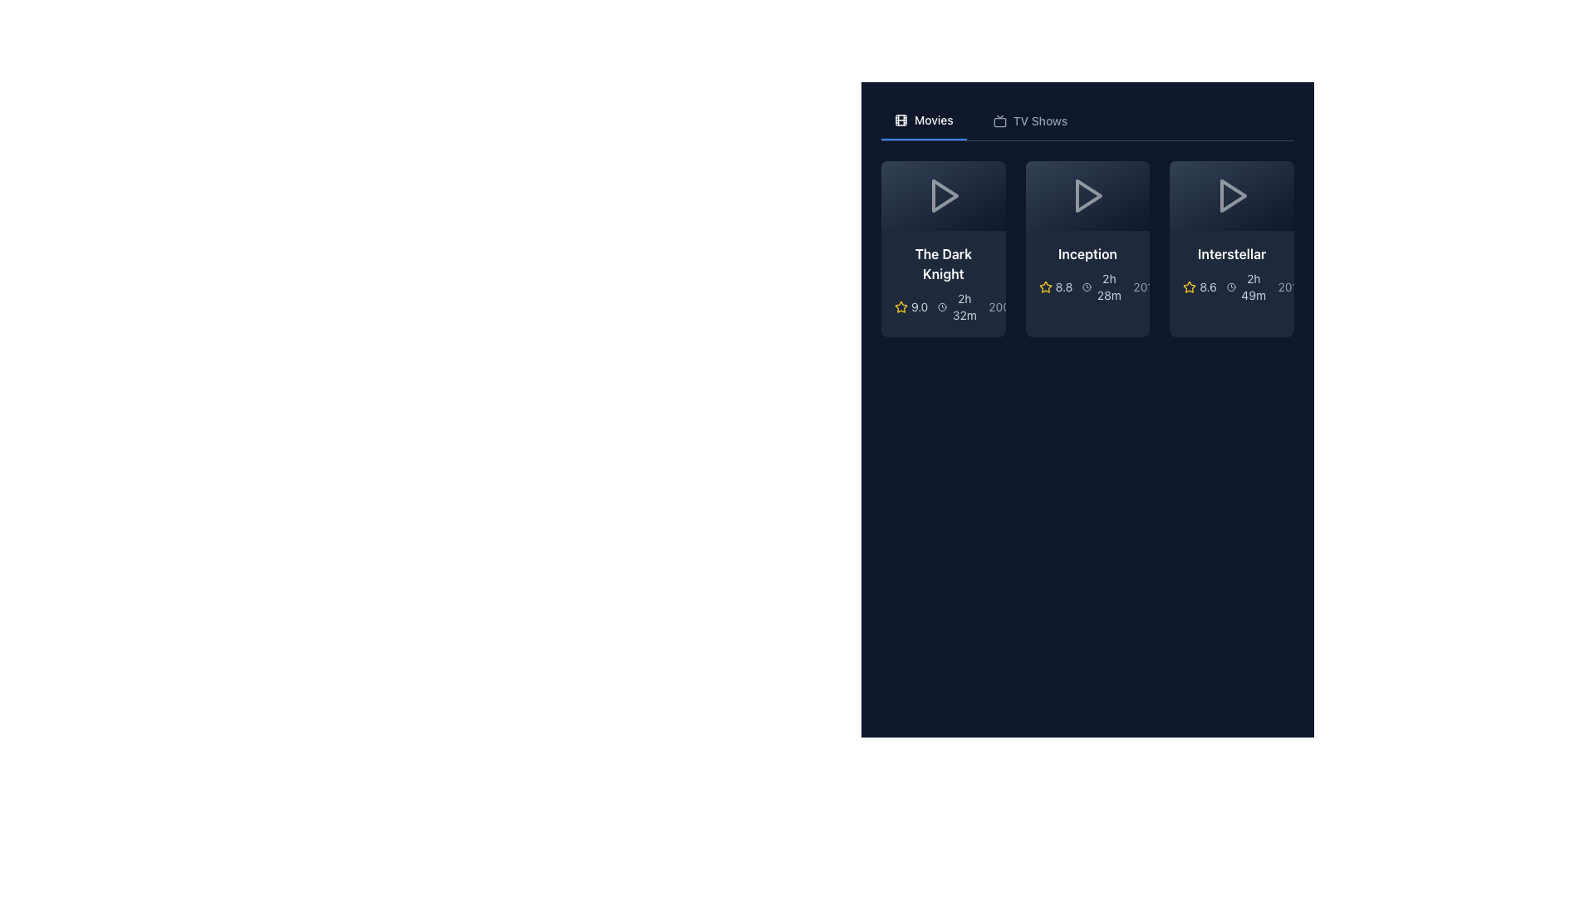  What do you see at coordinates (1232, 195) in the screenshot?
I see `the Play symbol icon located at the top section of the 'Interstellar' movie card to trigger visual feedback` at bounding box center [1232, 195].